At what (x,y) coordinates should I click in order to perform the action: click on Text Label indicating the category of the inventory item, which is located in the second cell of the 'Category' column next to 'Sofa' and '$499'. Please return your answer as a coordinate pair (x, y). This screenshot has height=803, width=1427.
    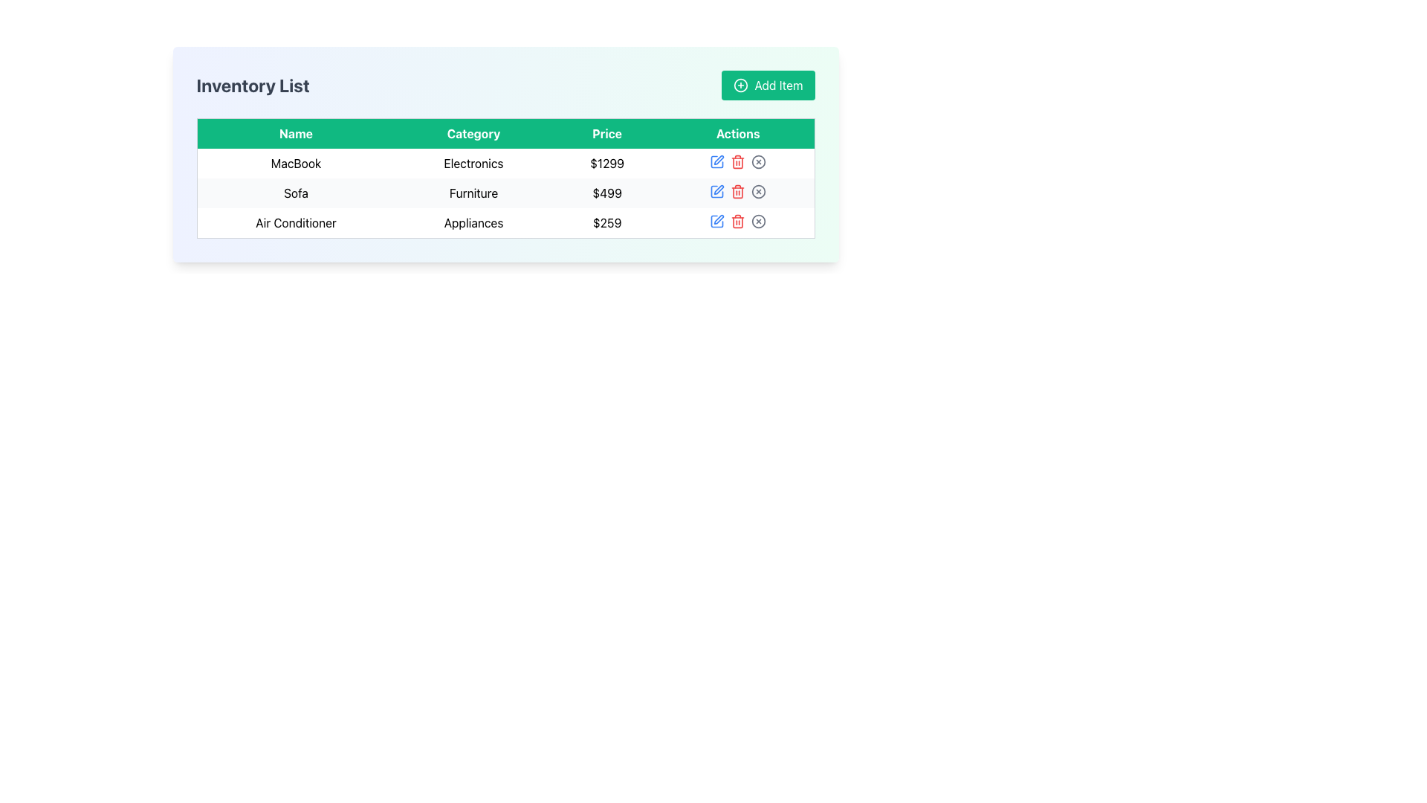
    Looking at the image, I should click on (473, 192).